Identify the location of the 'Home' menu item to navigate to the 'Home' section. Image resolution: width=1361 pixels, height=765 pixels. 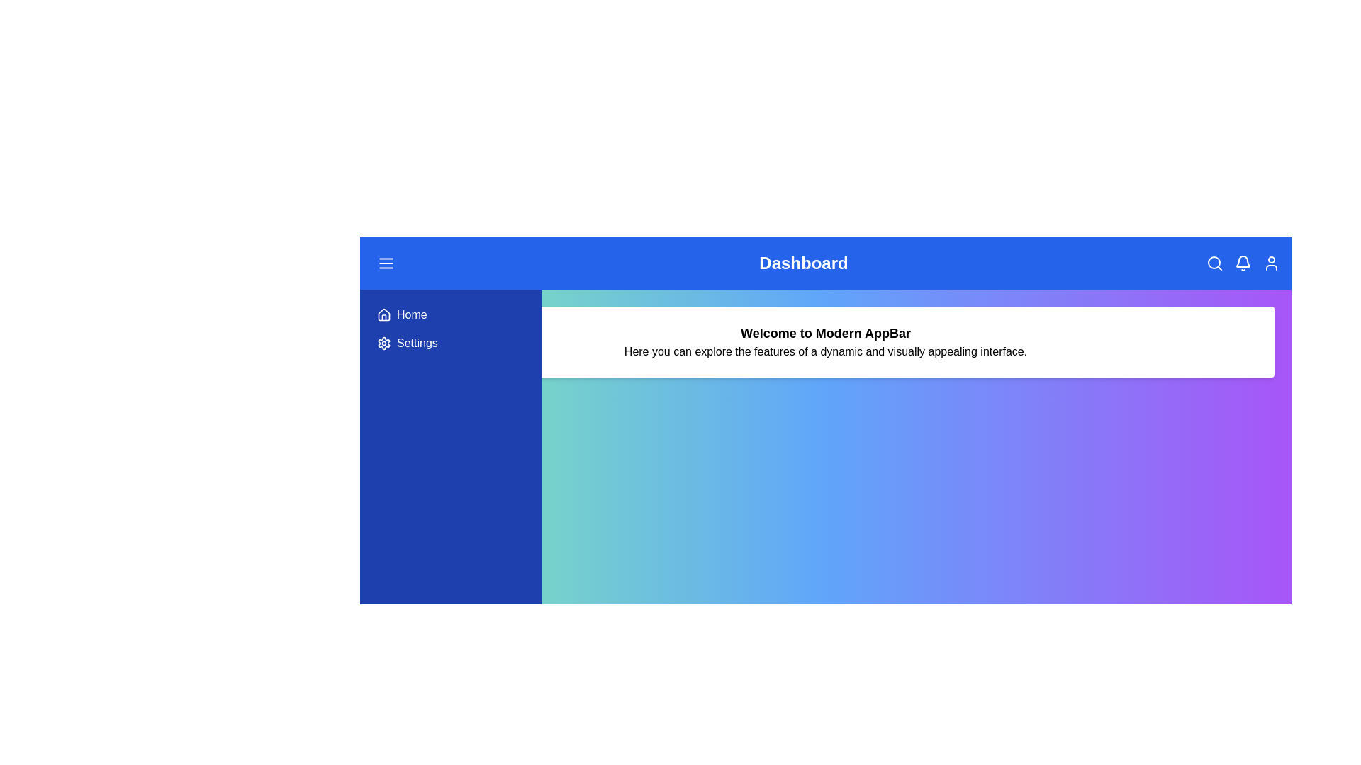
(449, 314).